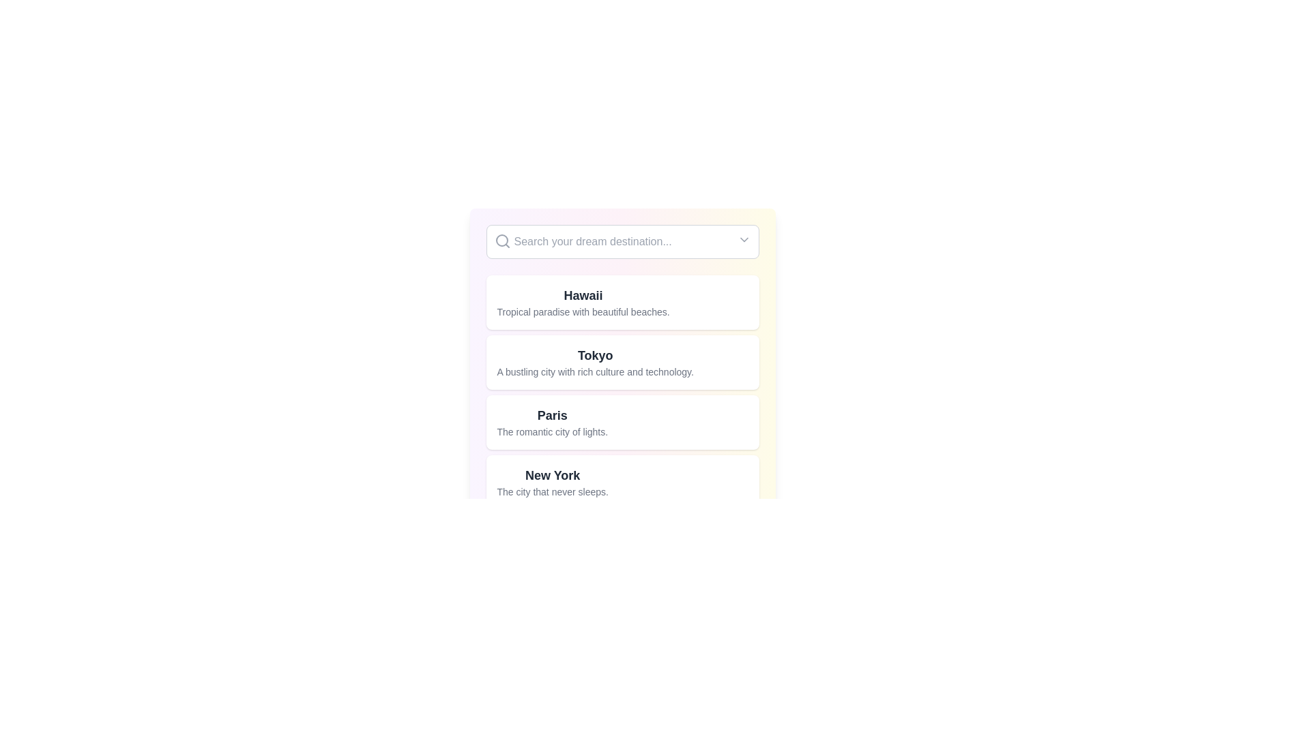  What do you see at coordinates (622, 367) in the screenshot?
I see `to select the 'Tokyo' card, which is the second card in a vertical list with a white background and rounded corners, featuring bold text for the title and a description below` at bounding box center [622, 367].